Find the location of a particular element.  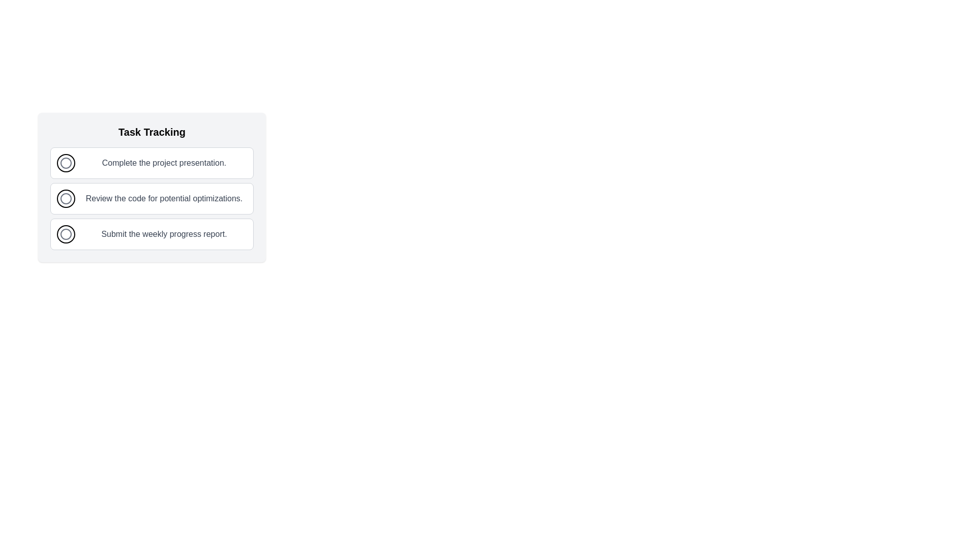

the circular icon with a gray outline located on the left side of the first list item in the 'Task Tracking' section, which is horizontally aligned with the text 'Complete the project presentation.' is located at coordinates (65, 162).